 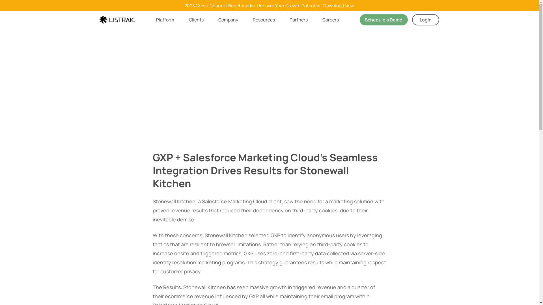 What do you see at coordinates (189, 19) in the screenshot?
I see `'Clients'` at bounding box center [189, 19].